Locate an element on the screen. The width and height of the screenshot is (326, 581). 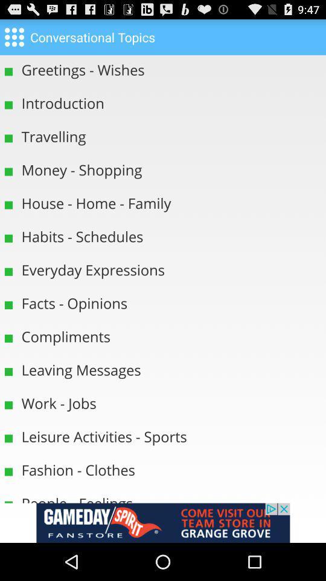
to view main menu is located at coordinates (13, 36).